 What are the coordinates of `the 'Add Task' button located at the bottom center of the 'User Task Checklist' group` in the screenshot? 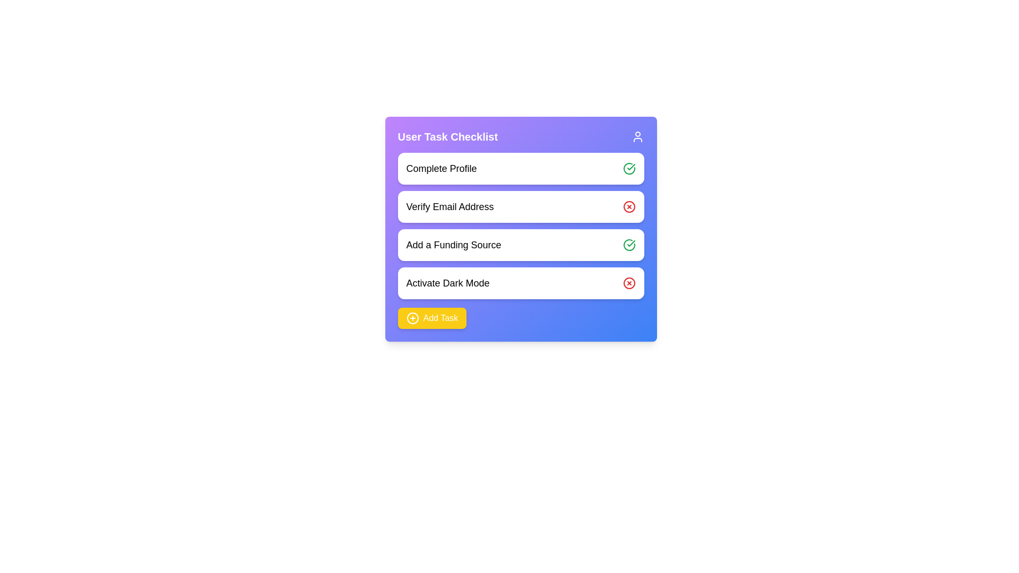 It's located at (432, 318).